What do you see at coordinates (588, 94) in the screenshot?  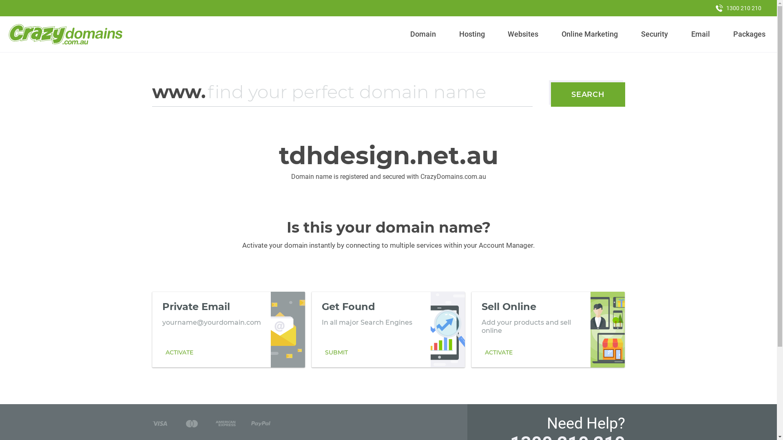 I see `'SEARCH'` at bounding box center [588, 94].